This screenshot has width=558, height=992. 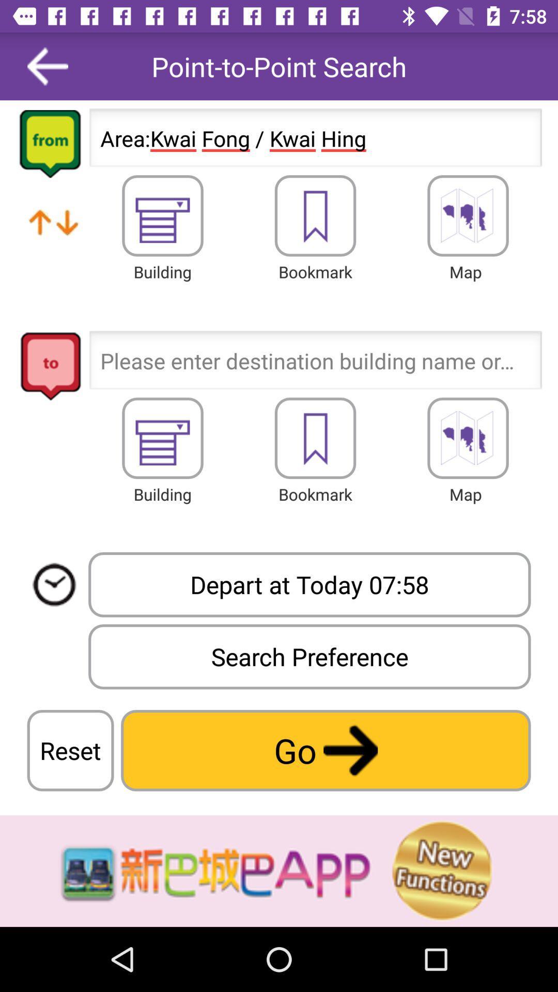 I want to click on the compare icon, so click(x=54, y=234).